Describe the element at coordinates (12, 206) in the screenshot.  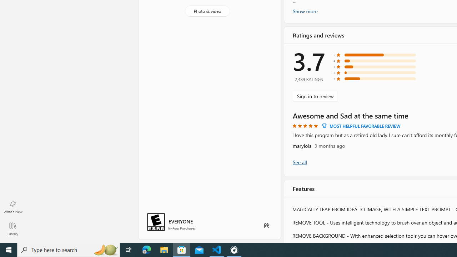
I see `'What'` at that location.